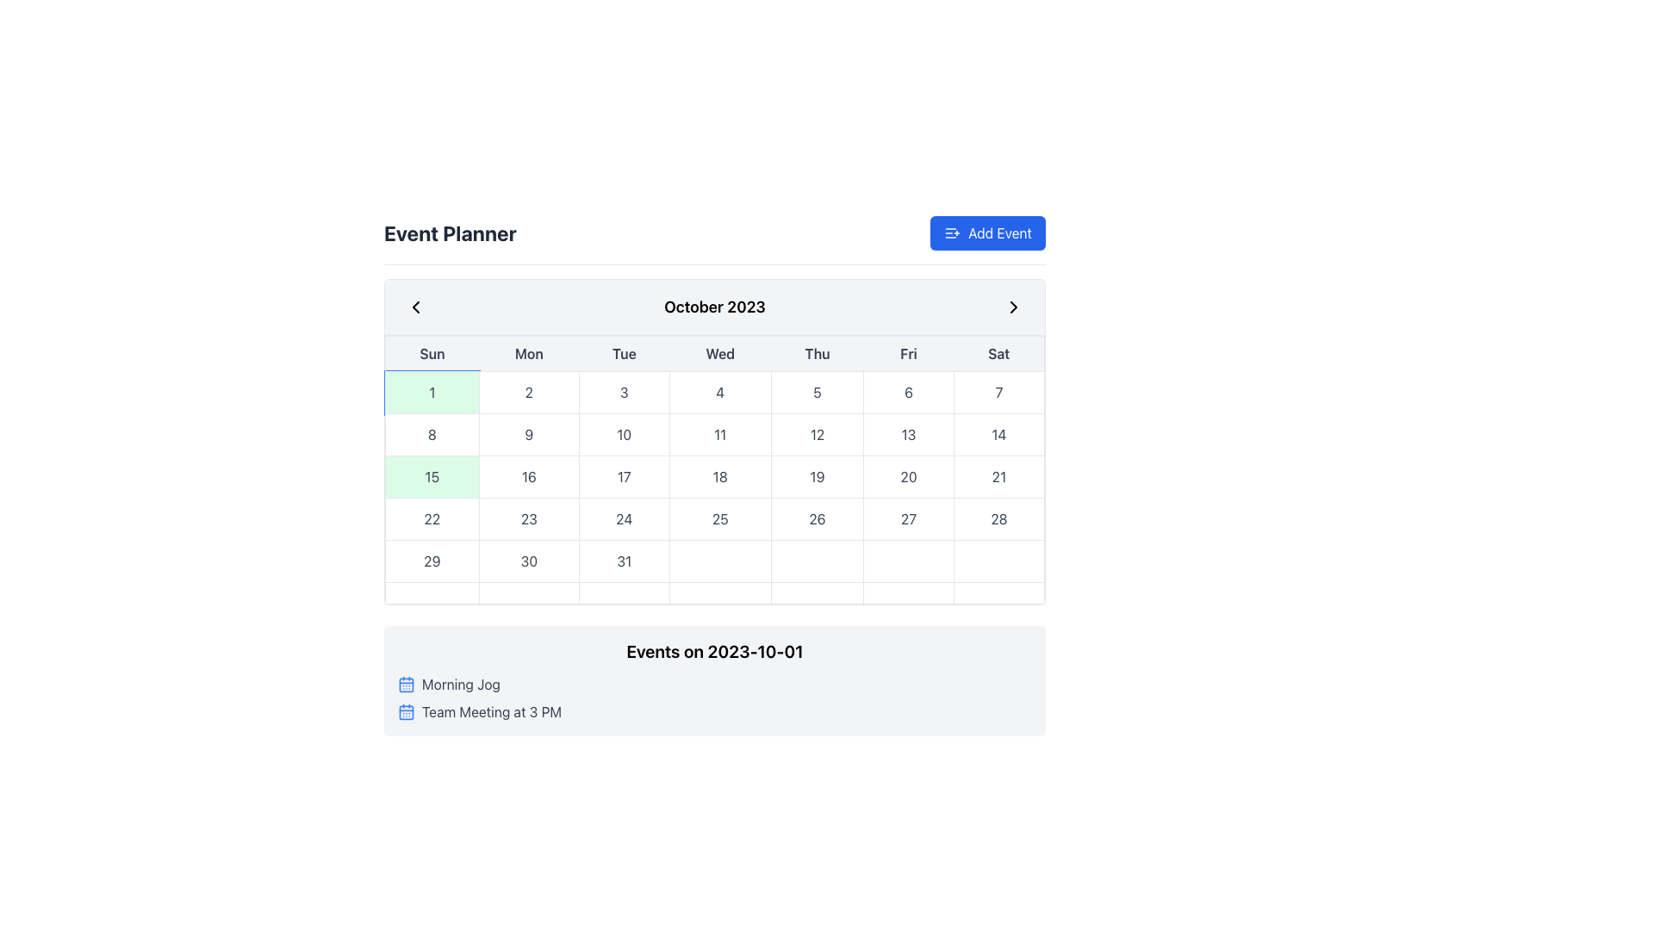 The image size is (1654, 930). What do you see at coordinates (817, 592) in the screenshot?
I see `the fifth selectable block in the last week row of the calendar` at bounding box center [817, 592].